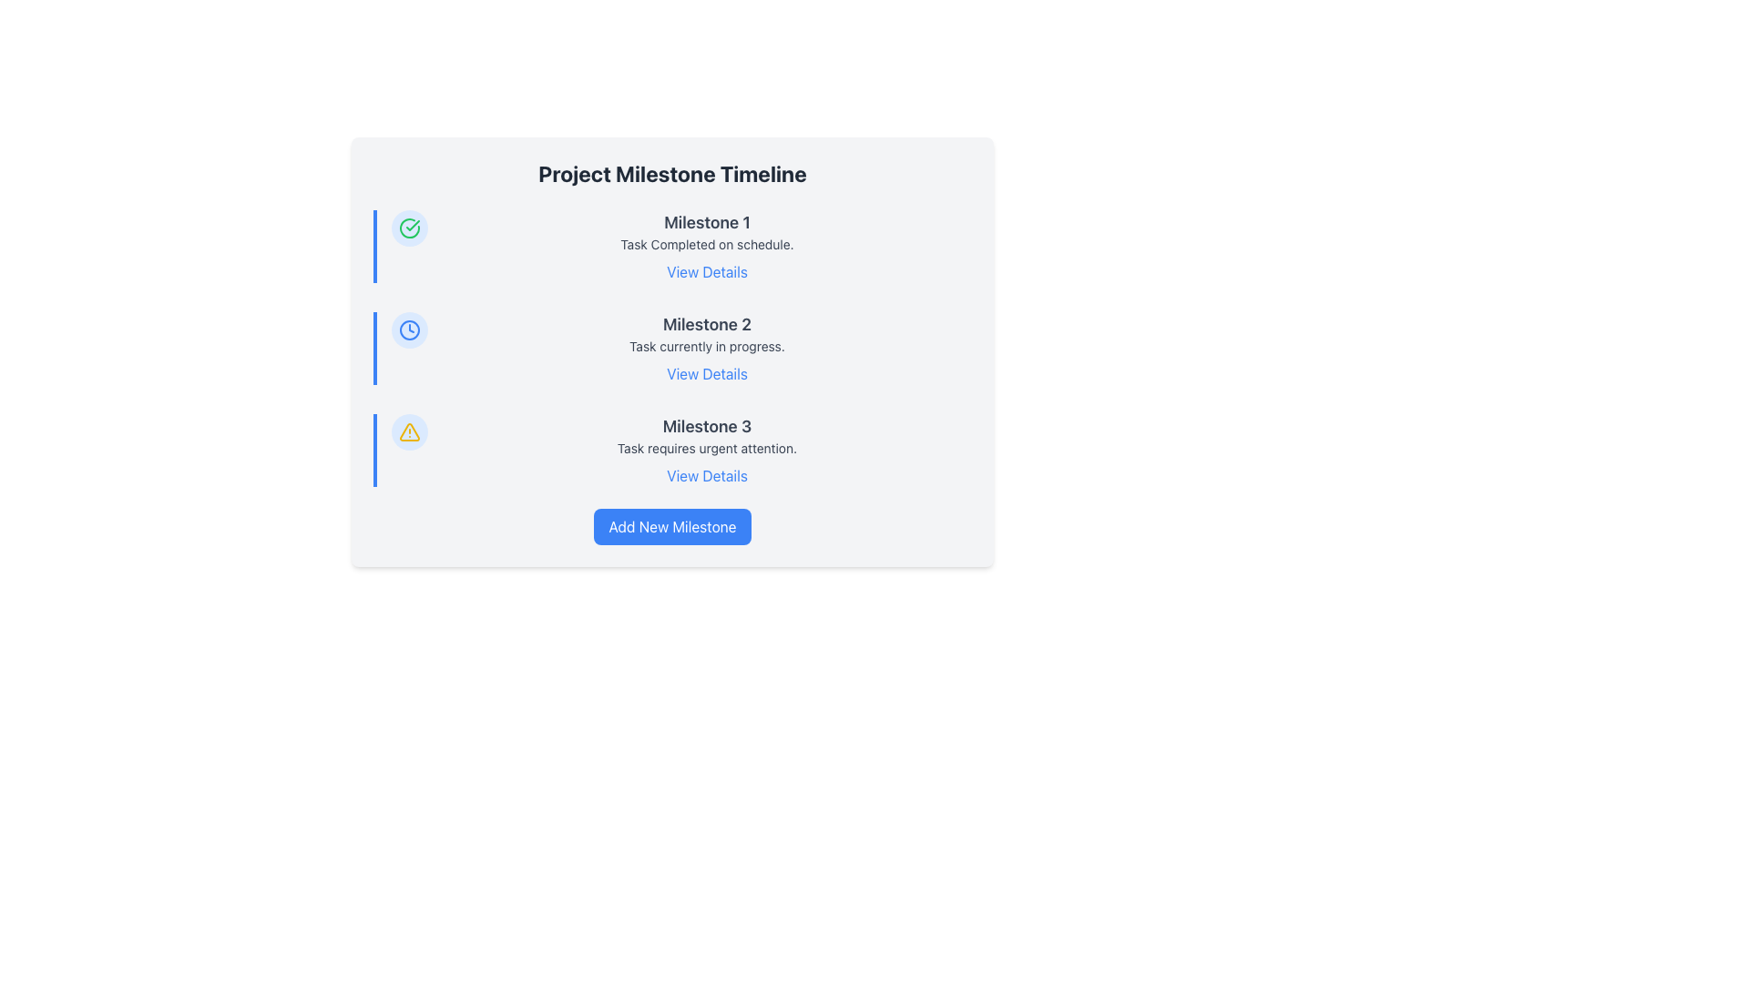  What do you see at coordinates (409, 227) in the screenshot?
I see `the SVG checkmark icon with a green stroke, located in the milestone timeline interface next to 'Milestone 1'` at bounding box center [409, 227].